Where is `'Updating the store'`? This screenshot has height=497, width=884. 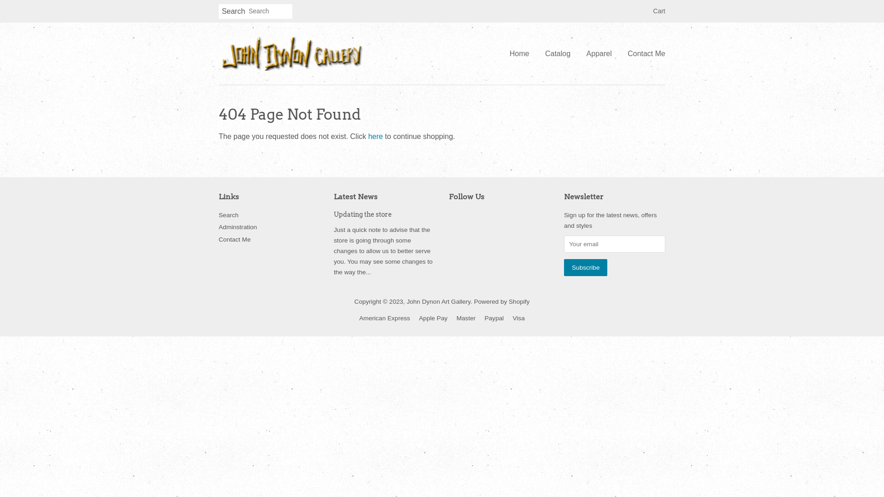
'Updating the store' is located at coordinates (362, 214).